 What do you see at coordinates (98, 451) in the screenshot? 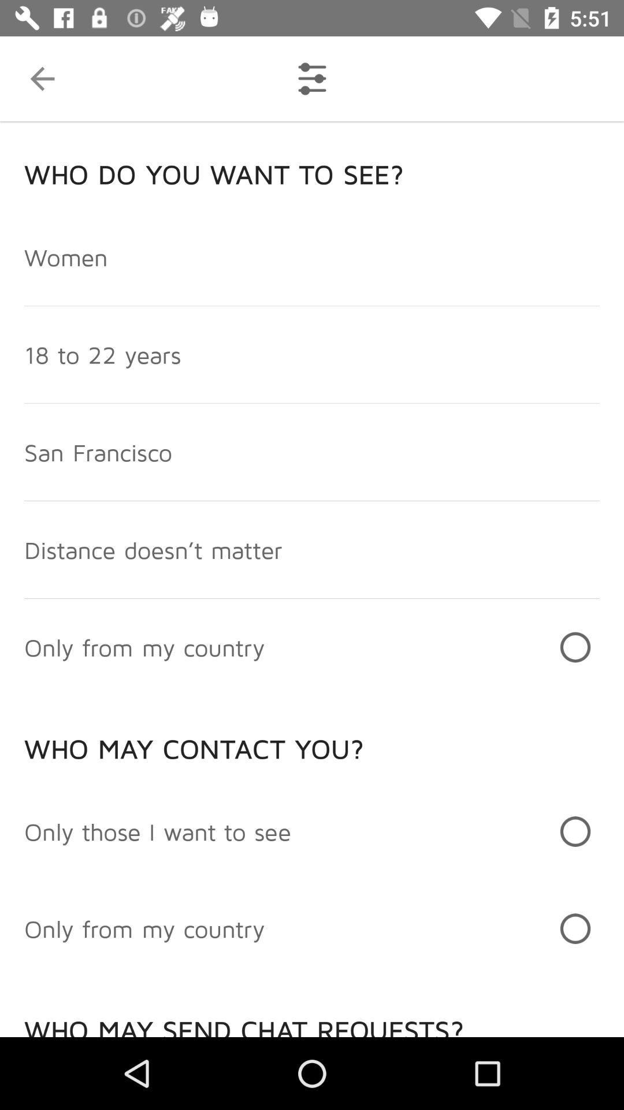
I see `the san francisco icon` at bounding box center [98, 451].